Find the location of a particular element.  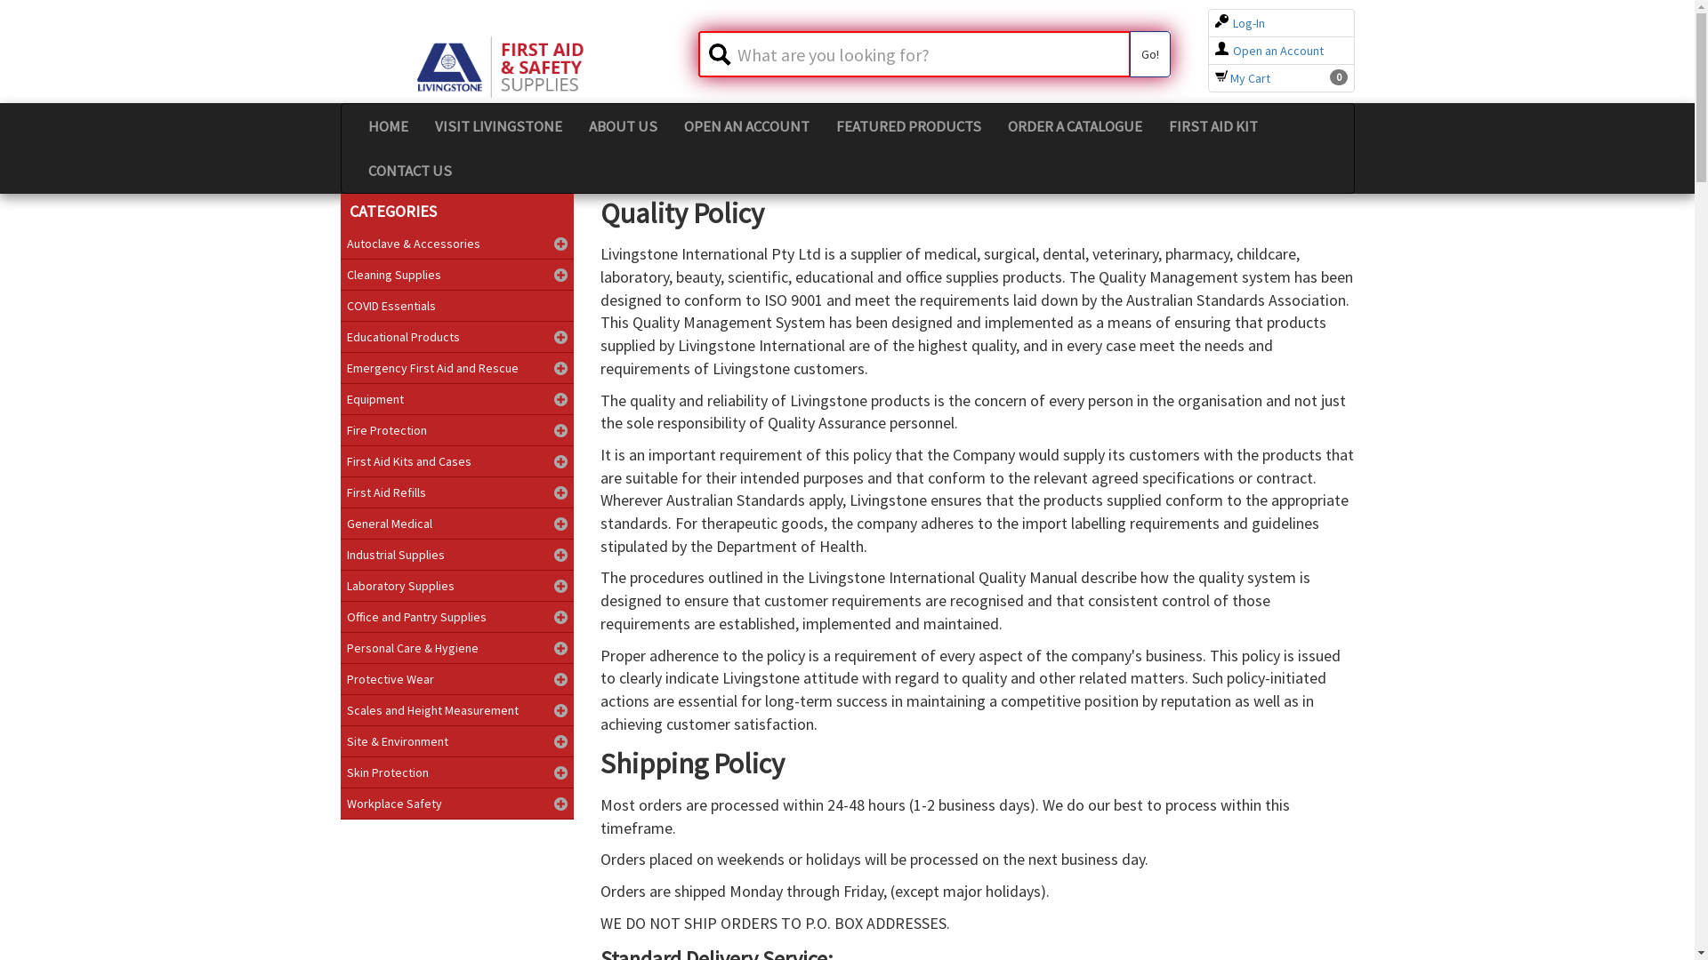

'OPEN AN ACCOUNT' is located at coordinates (746, 125).